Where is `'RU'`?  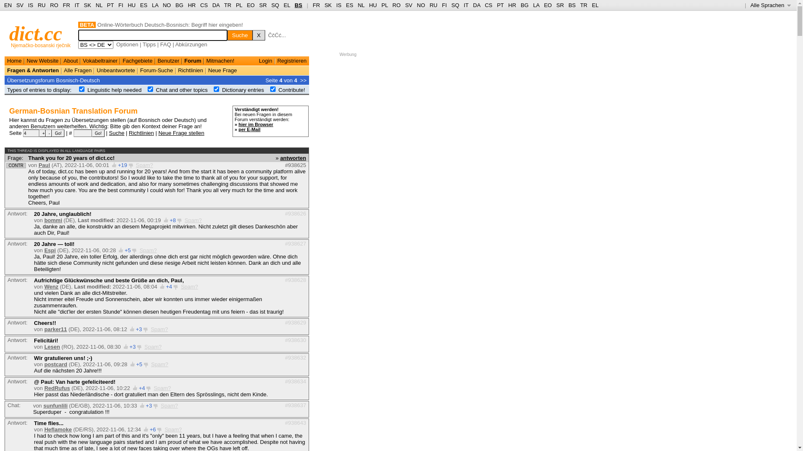
'RU' is located at coordinates (433, 5).